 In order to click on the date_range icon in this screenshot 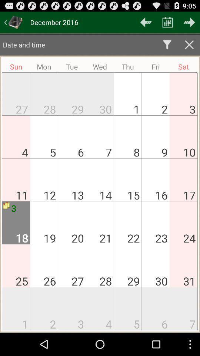, I will do `click(167, 24)`.